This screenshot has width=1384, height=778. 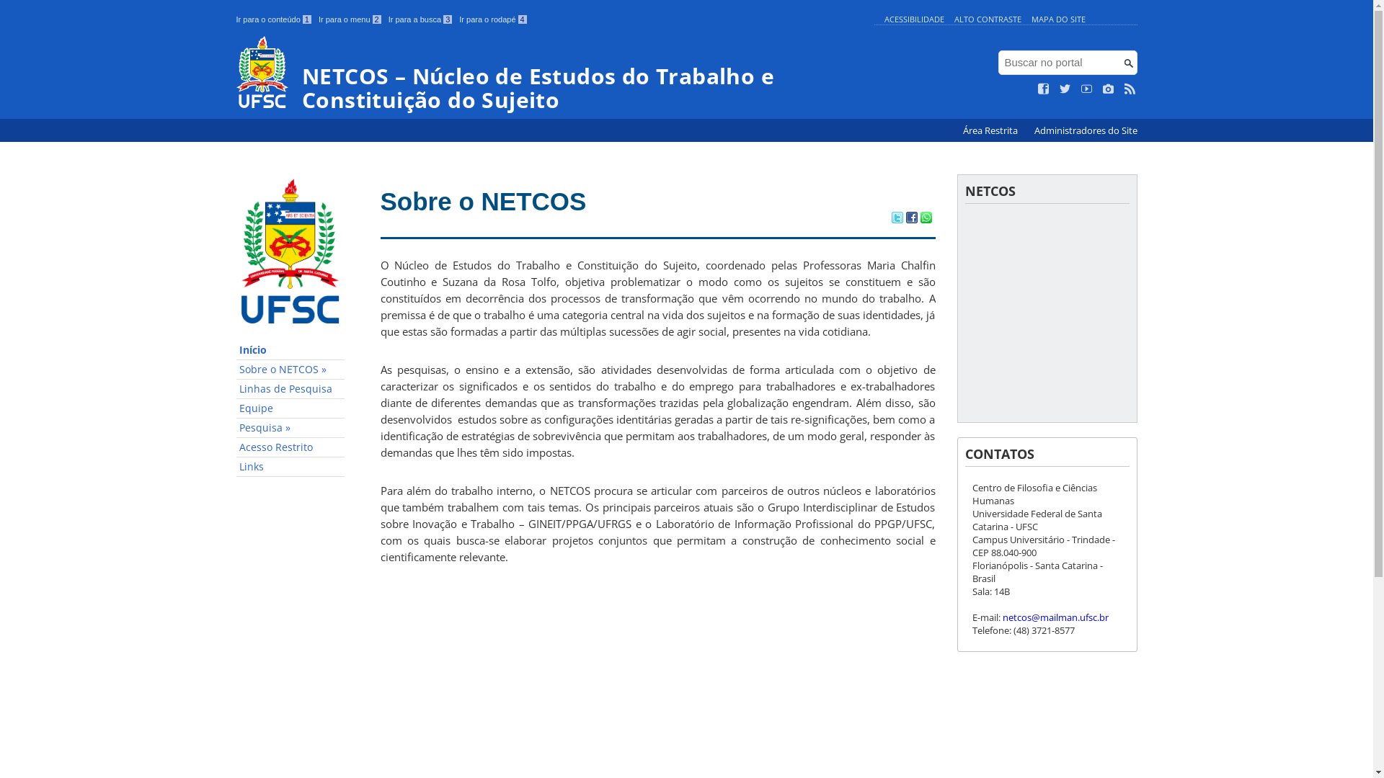 I want to click on 'ACESSIBILIDADE', so click(x=913, y=19).